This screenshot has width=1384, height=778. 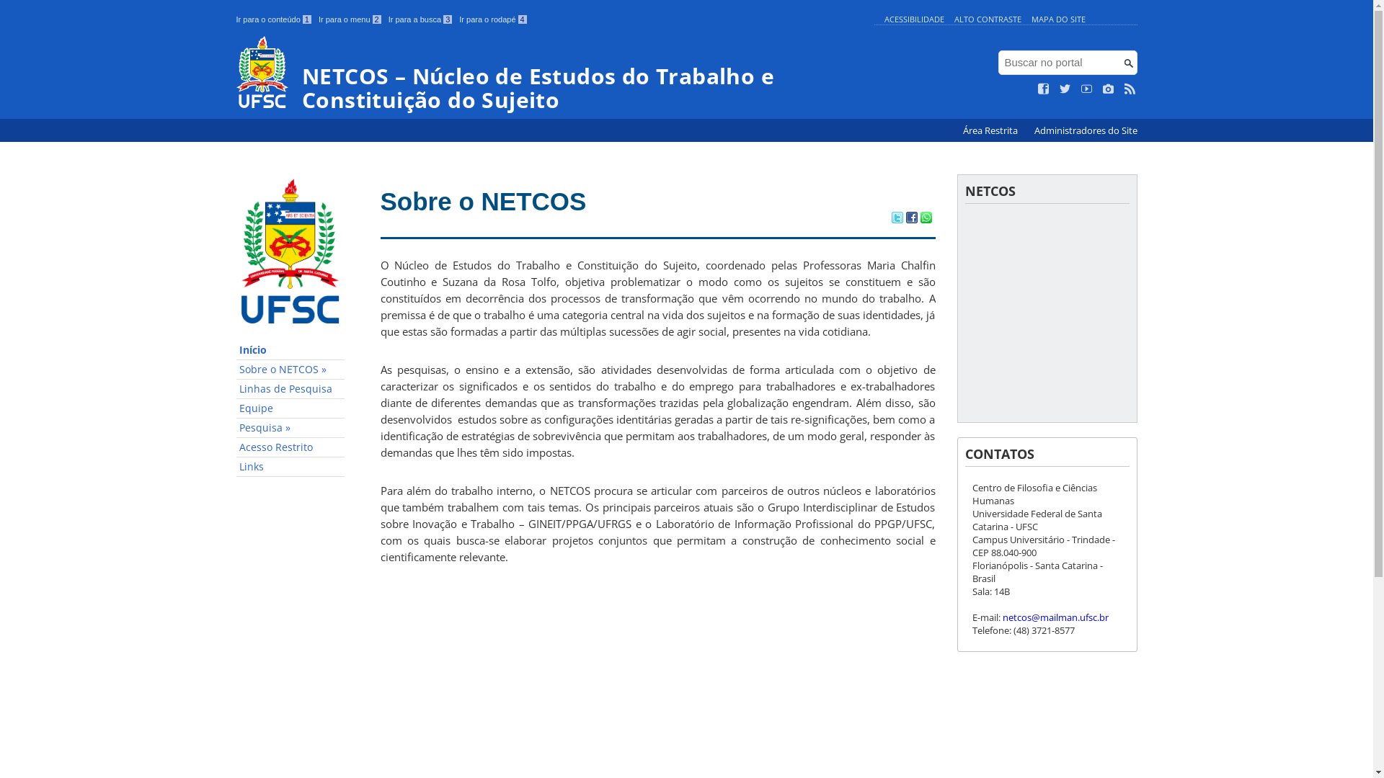 I want to click on 'ACESSIBILIDADE', so click(x=913, y=19).